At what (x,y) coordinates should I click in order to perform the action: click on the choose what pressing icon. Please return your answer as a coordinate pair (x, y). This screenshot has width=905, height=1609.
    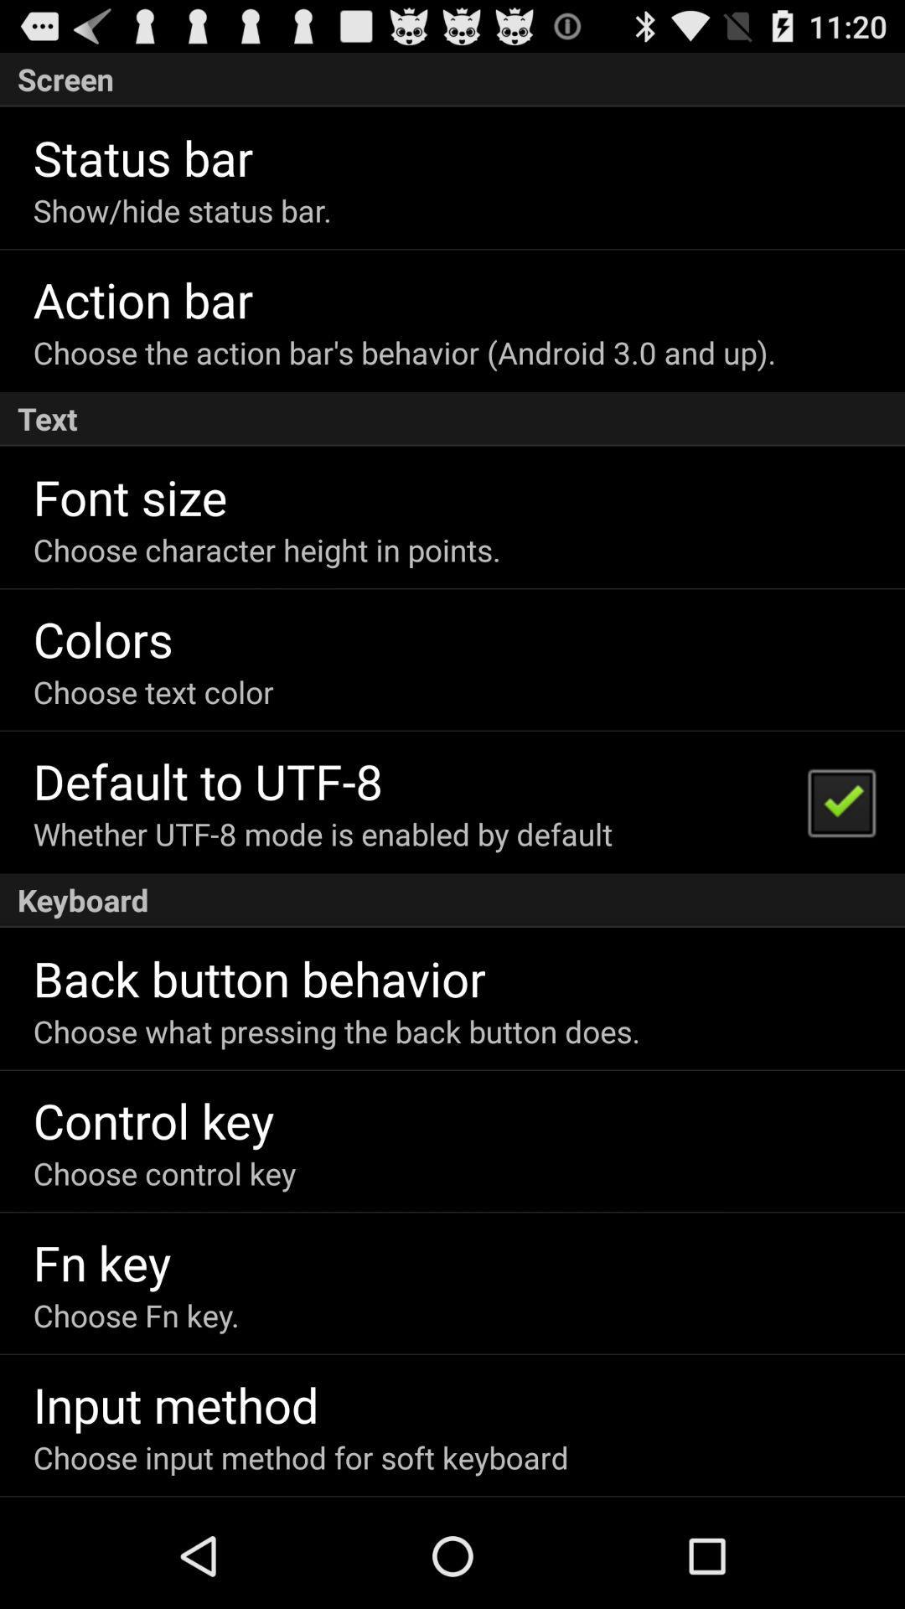
    Looking at the image, I should click on (336, 1030).